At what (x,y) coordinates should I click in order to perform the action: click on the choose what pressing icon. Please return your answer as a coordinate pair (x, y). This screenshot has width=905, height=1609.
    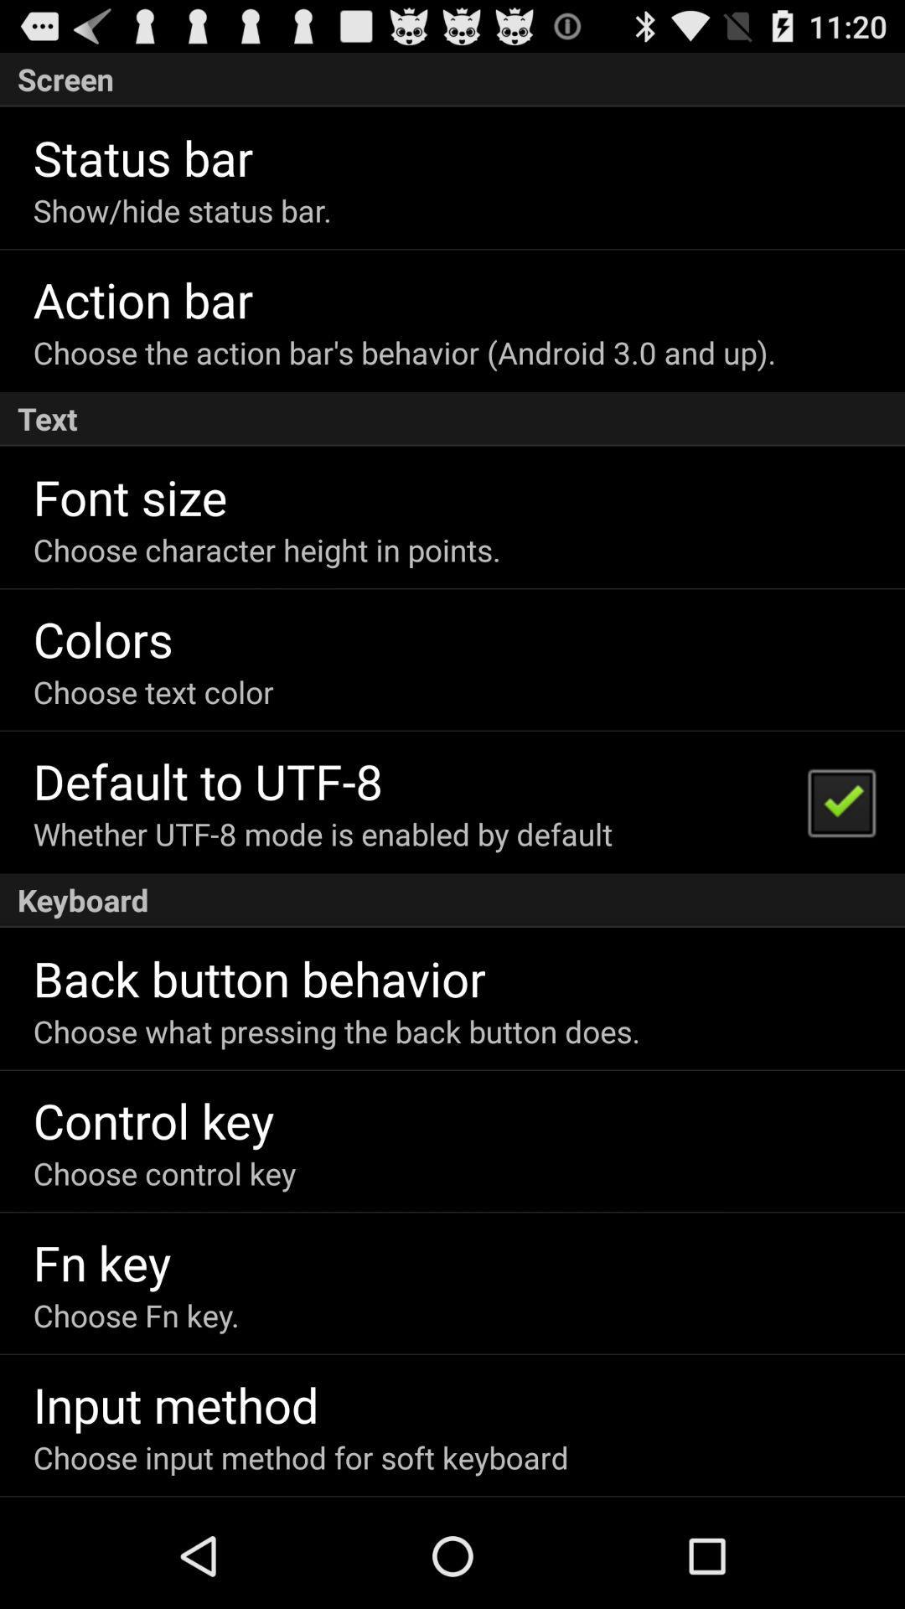
    Looking at the image, I should click on (336, 1030).